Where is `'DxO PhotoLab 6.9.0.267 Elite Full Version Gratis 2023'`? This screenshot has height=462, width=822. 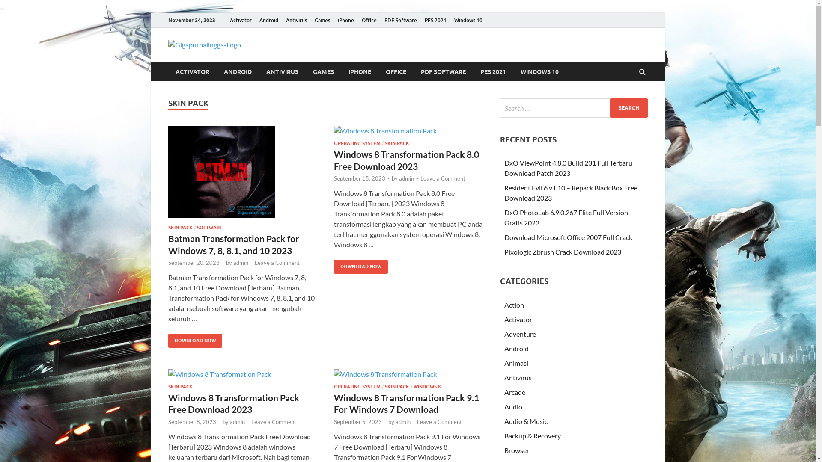
'DxO PhotoLab 6.9.0.267 Elite Full Version Gratis 2023' is located at coordinates (566, 217).